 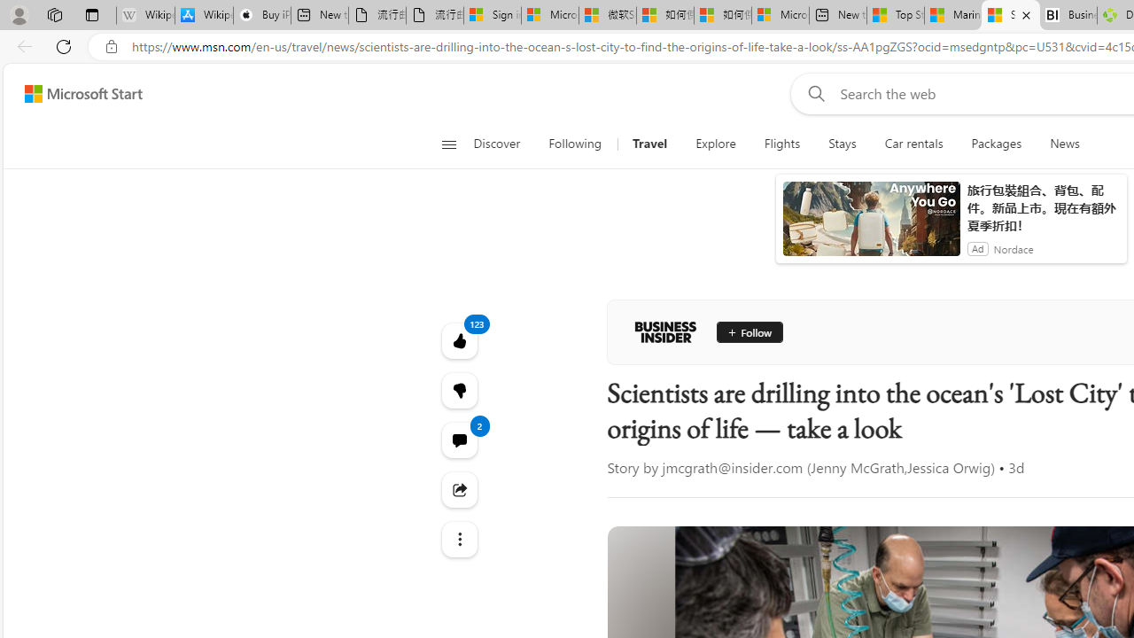 I want to click on 'Class: button-glyph', so click(x=448, y=144).